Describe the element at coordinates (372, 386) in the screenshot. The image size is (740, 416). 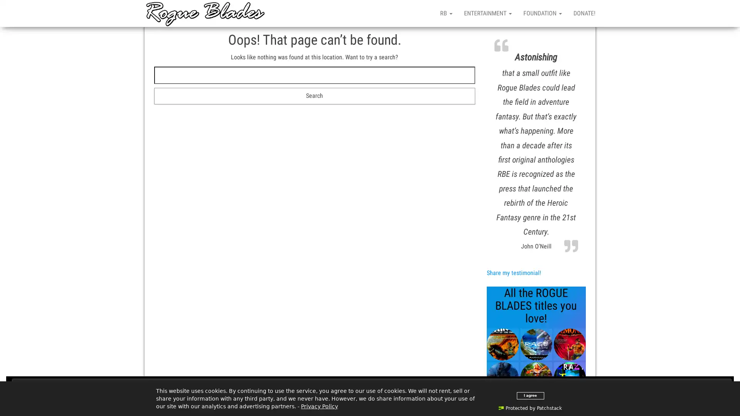
I see `Close and accept` at that location.